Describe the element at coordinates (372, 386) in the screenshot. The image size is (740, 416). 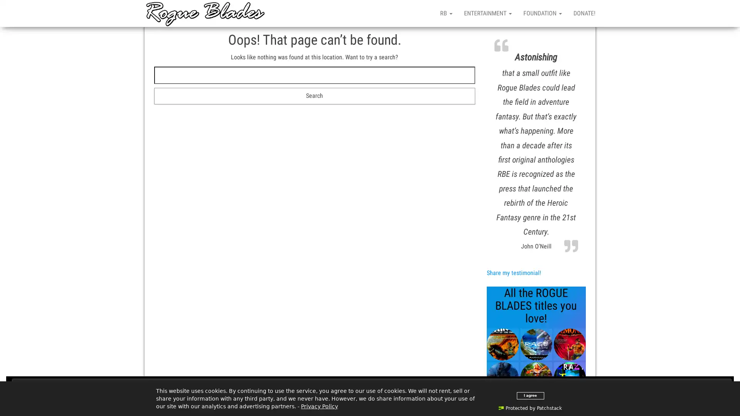
I see `Close and accept` at that location.